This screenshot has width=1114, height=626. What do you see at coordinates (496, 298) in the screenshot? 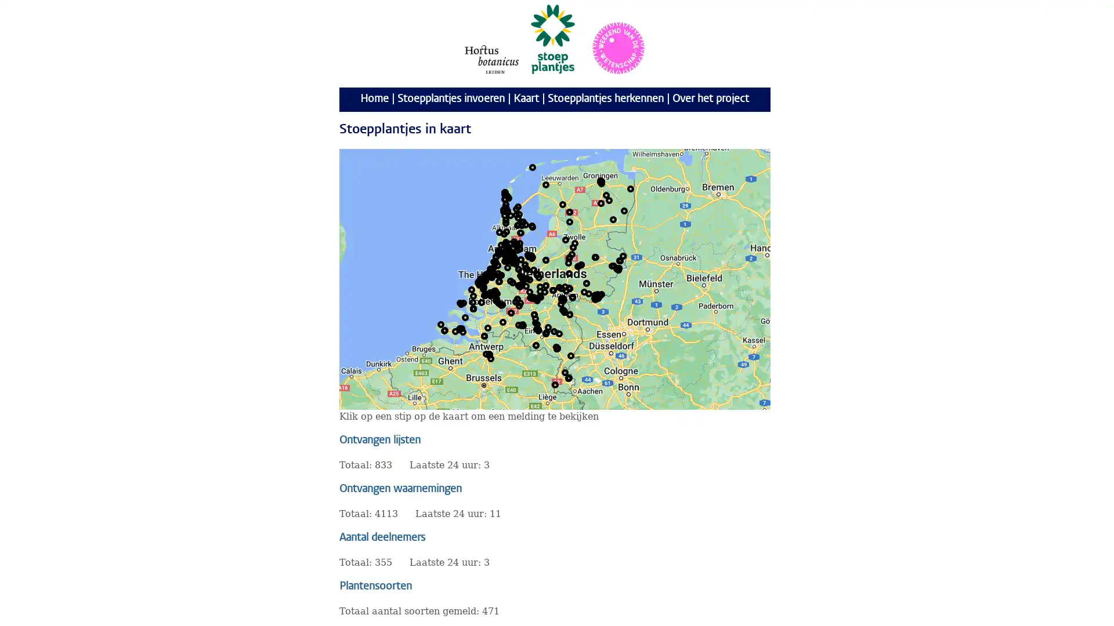
I see `Telling van Sophie op 21 oktober 2021` at bounding box center [496, 298].